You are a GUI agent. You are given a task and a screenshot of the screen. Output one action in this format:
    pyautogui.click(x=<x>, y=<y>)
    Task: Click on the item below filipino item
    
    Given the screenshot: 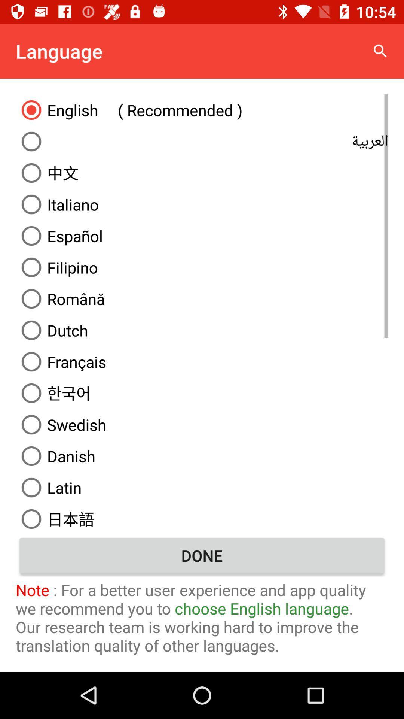 What is the action you would take?
    pyautogui.click(x=202, y=298)
    